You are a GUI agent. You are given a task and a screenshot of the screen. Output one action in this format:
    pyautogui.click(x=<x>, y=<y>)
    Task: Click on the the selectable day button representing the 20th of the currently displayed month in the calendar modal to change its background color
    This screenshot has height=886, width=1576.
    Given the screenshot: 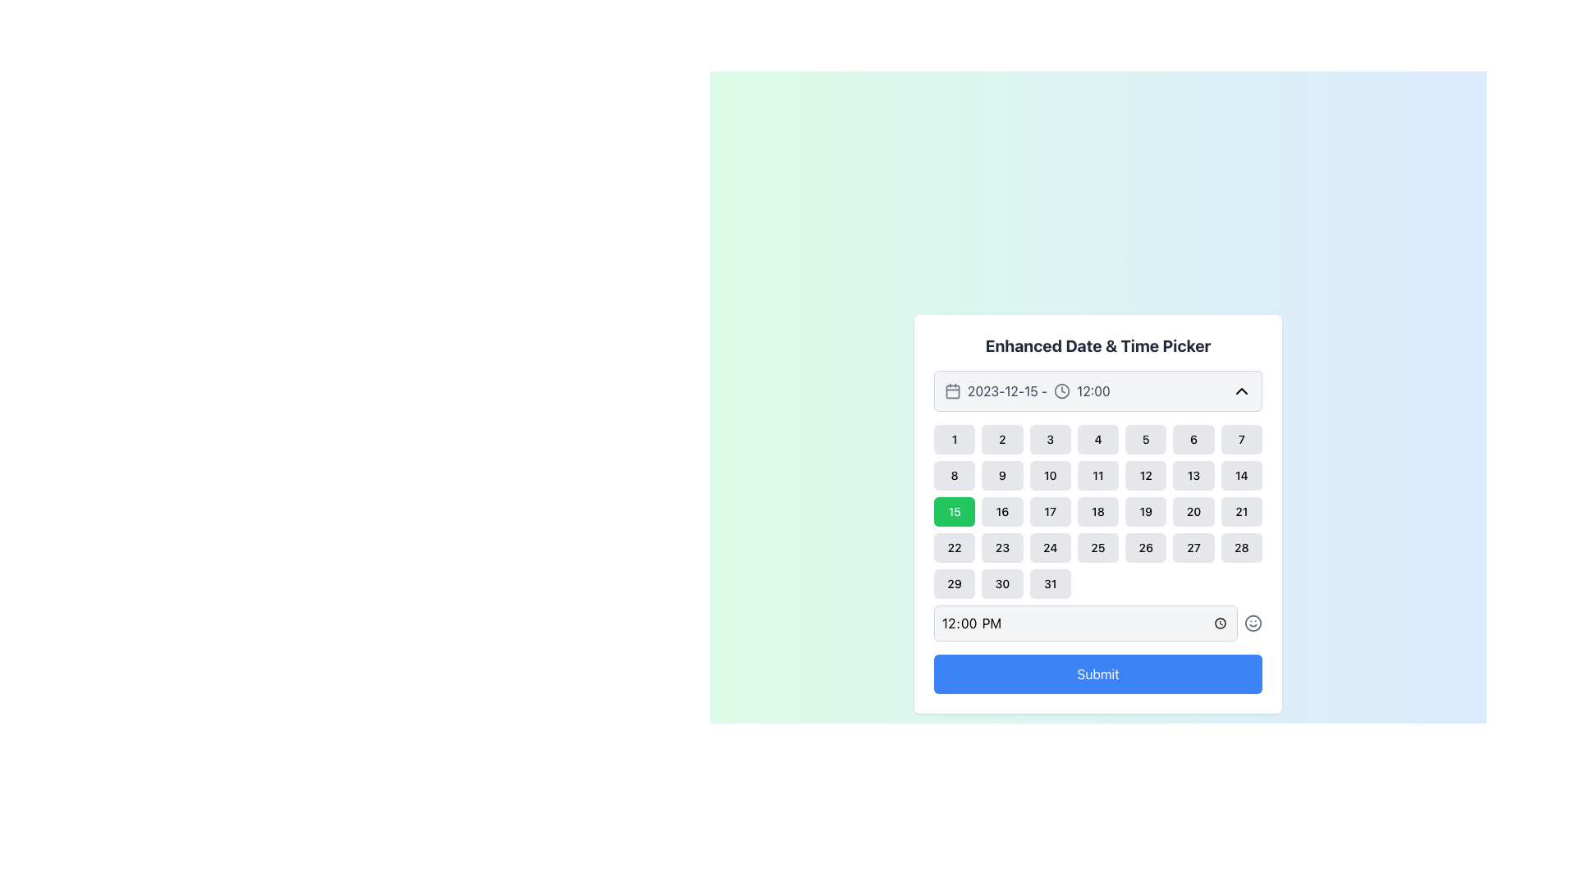 What is the action you would take?
    pyautogui.click(x=1193, y=511)
    